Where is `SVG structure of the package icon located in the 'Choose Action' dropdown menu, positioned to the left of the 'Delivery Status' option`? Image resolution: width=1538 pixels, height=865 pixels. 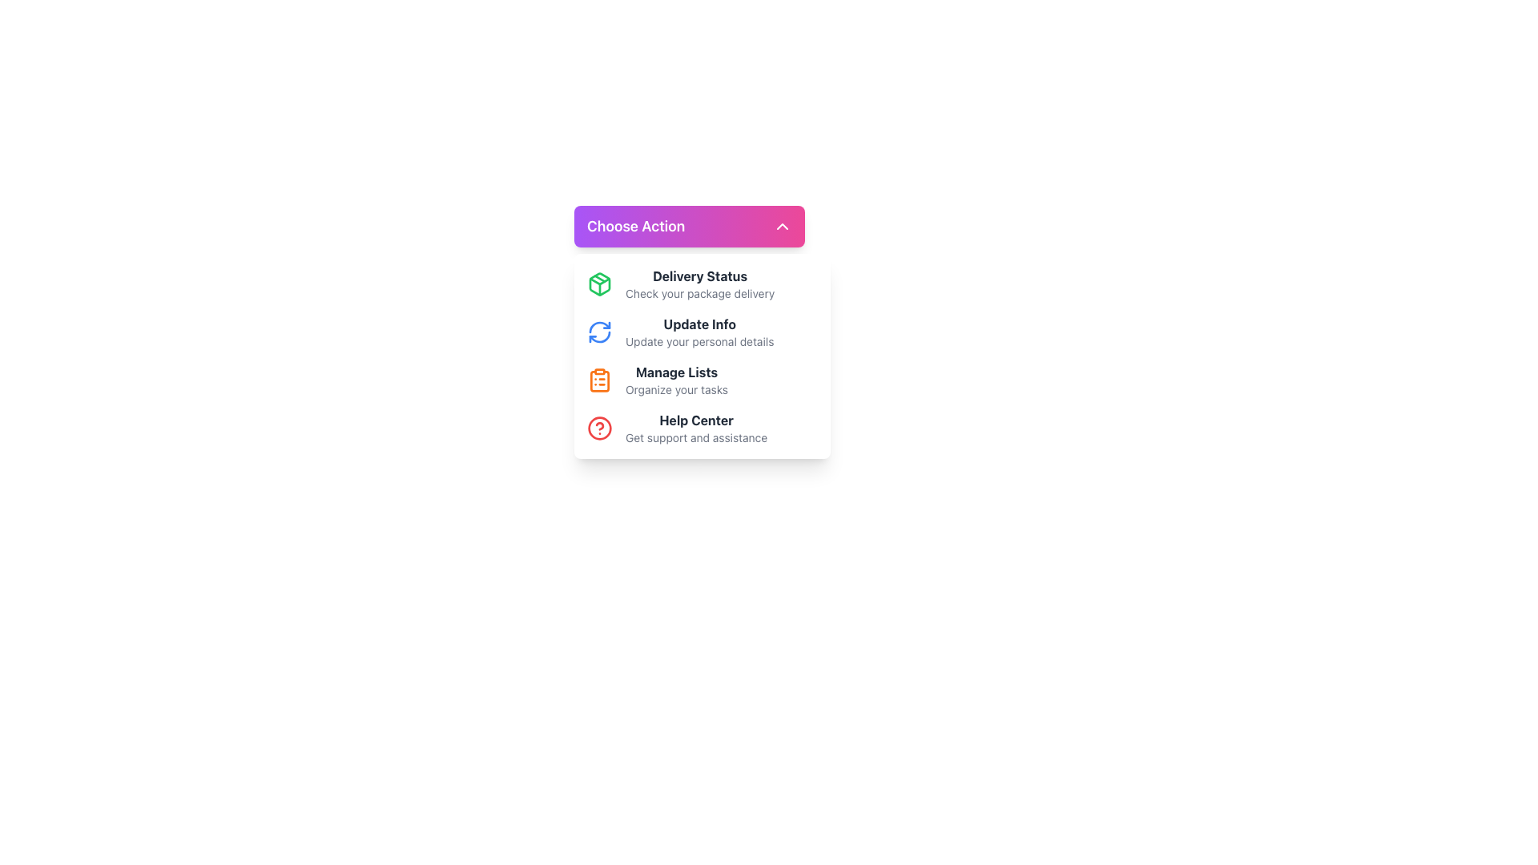
SVG structure of the package icon located in the 'Choose Action' dropdown menu, positioned to the left of the 'Delivery Status' option is located at coordinates (598, 283).